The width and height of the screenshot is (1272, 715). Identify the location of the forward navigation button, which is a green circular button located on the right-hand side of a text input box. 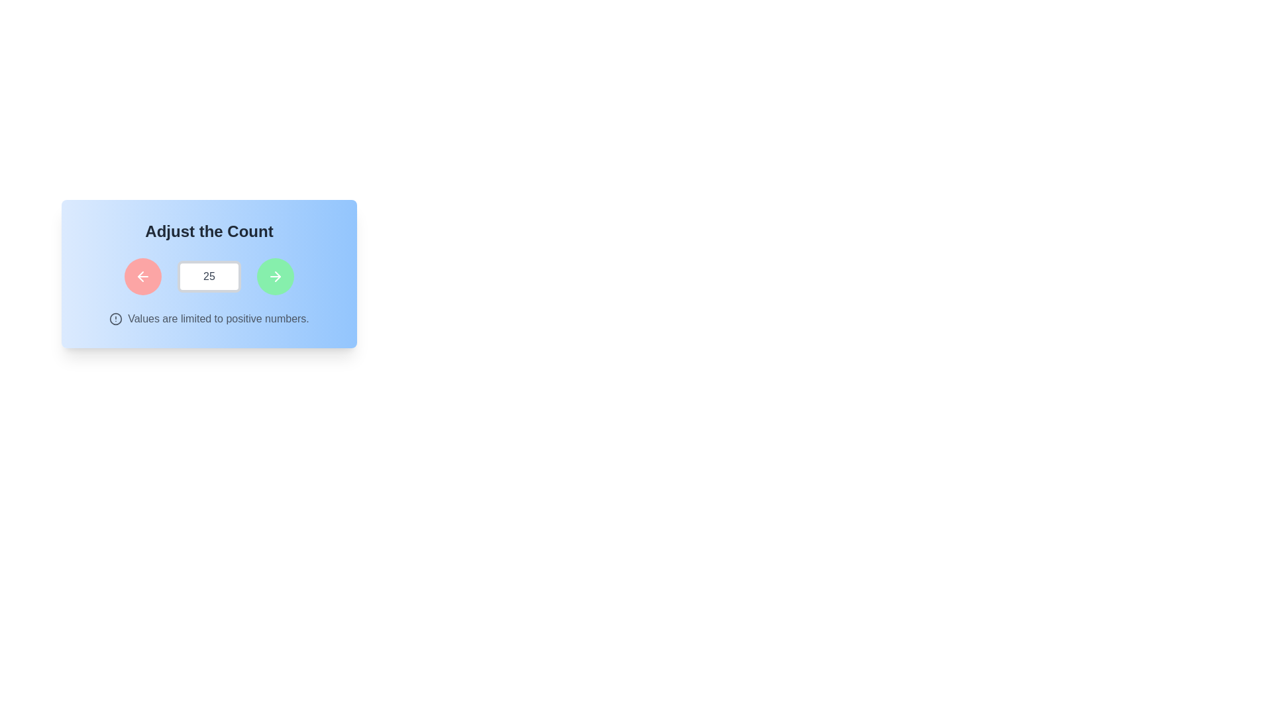
(275, 275).